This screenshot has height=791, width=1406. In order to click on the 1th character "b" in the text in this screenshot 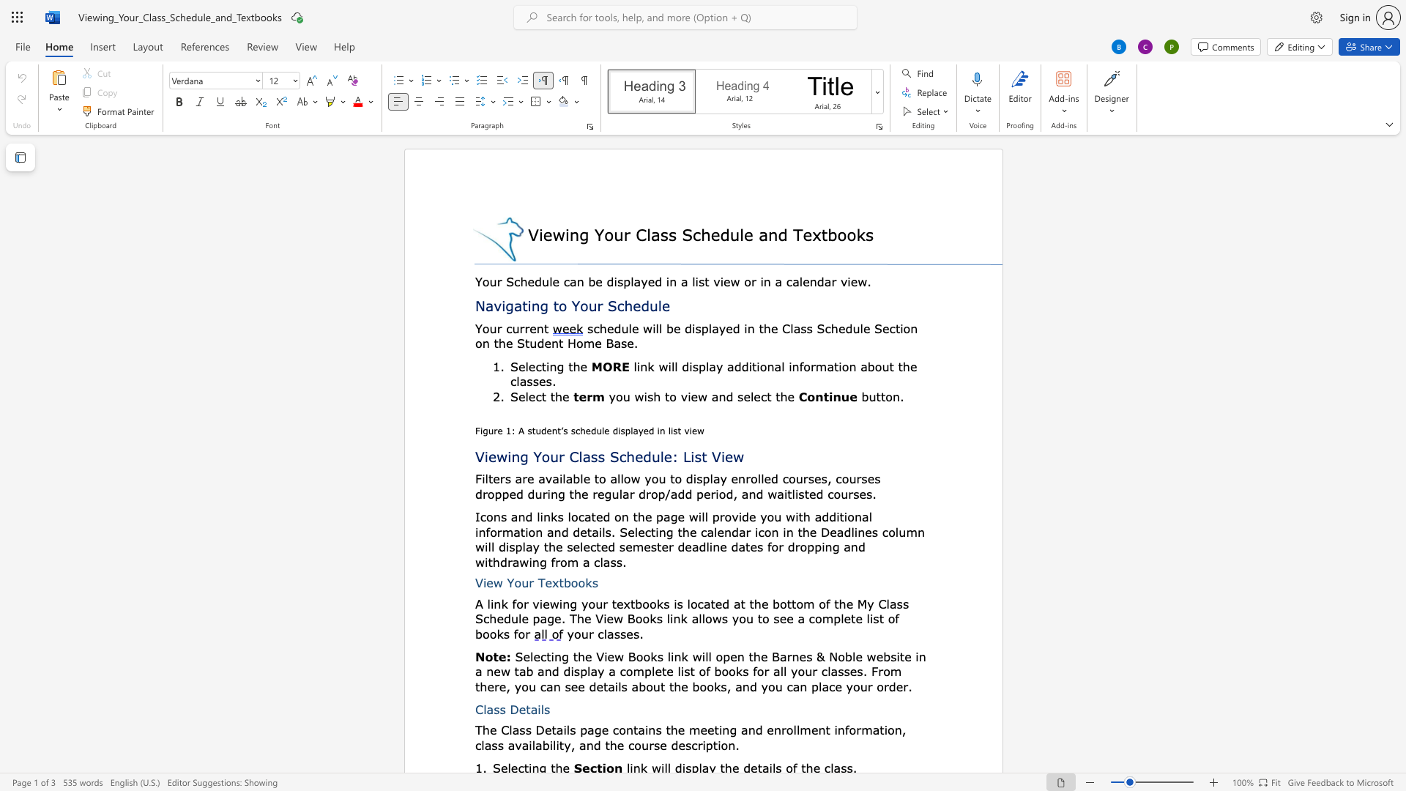, I will do `click(639, 604)`.